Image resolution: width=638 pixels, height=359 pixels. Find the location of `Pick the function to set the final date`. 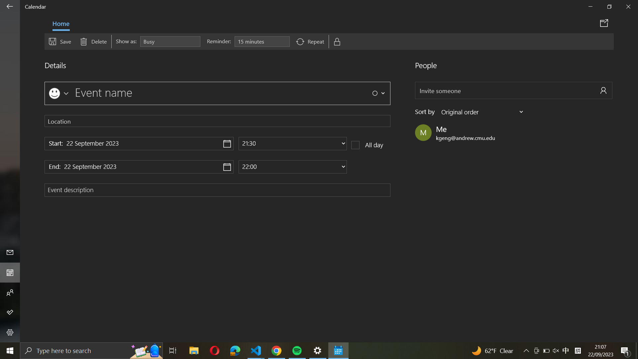

Pick the function to set the final date is located at coordinates (138, 166).